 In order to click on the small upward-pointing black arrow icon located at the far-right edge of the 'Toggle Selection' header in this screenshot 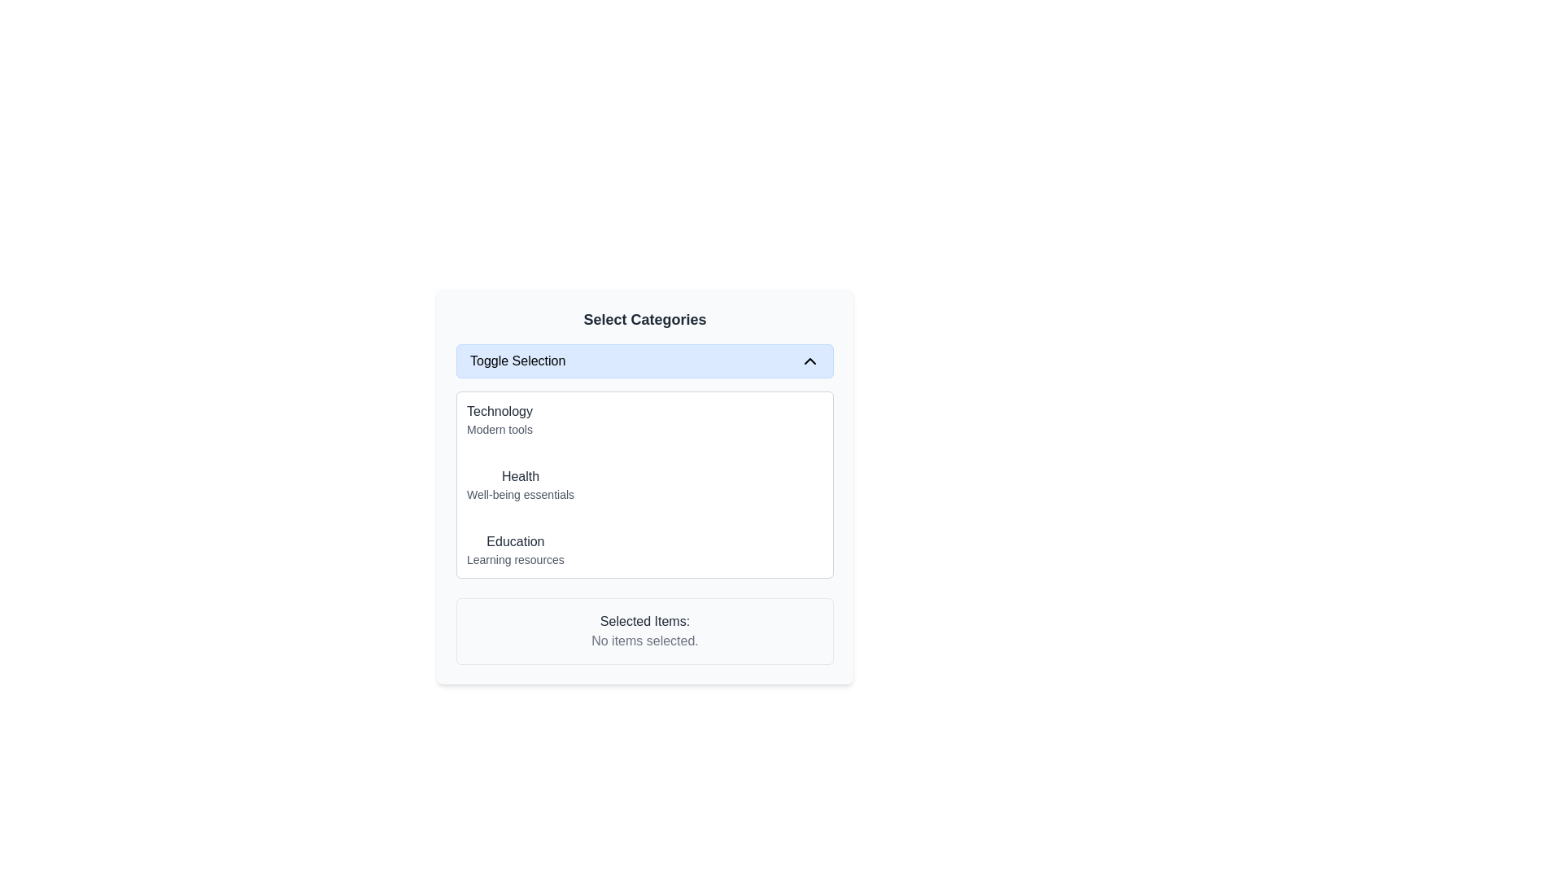, I will do `click(810, 360)`.